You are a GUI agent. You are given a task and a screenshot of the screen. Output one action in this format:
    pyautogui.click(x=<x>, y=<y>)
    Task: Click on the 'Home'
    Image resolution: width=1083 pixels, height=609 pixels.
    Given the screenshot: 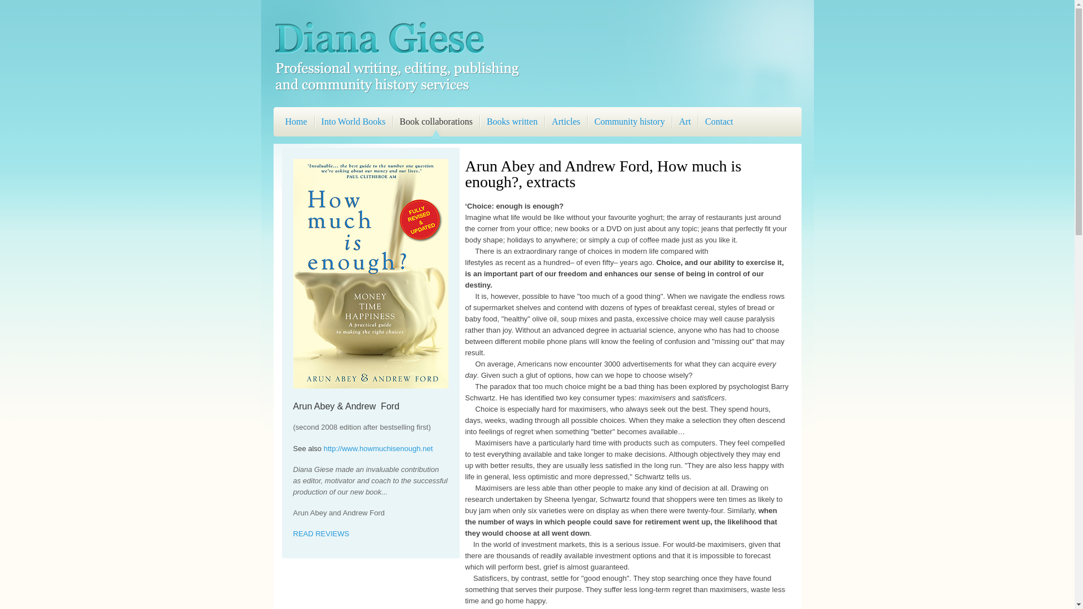 What is the action you would take?
    pyautogui.click(x=296, y=123)
    